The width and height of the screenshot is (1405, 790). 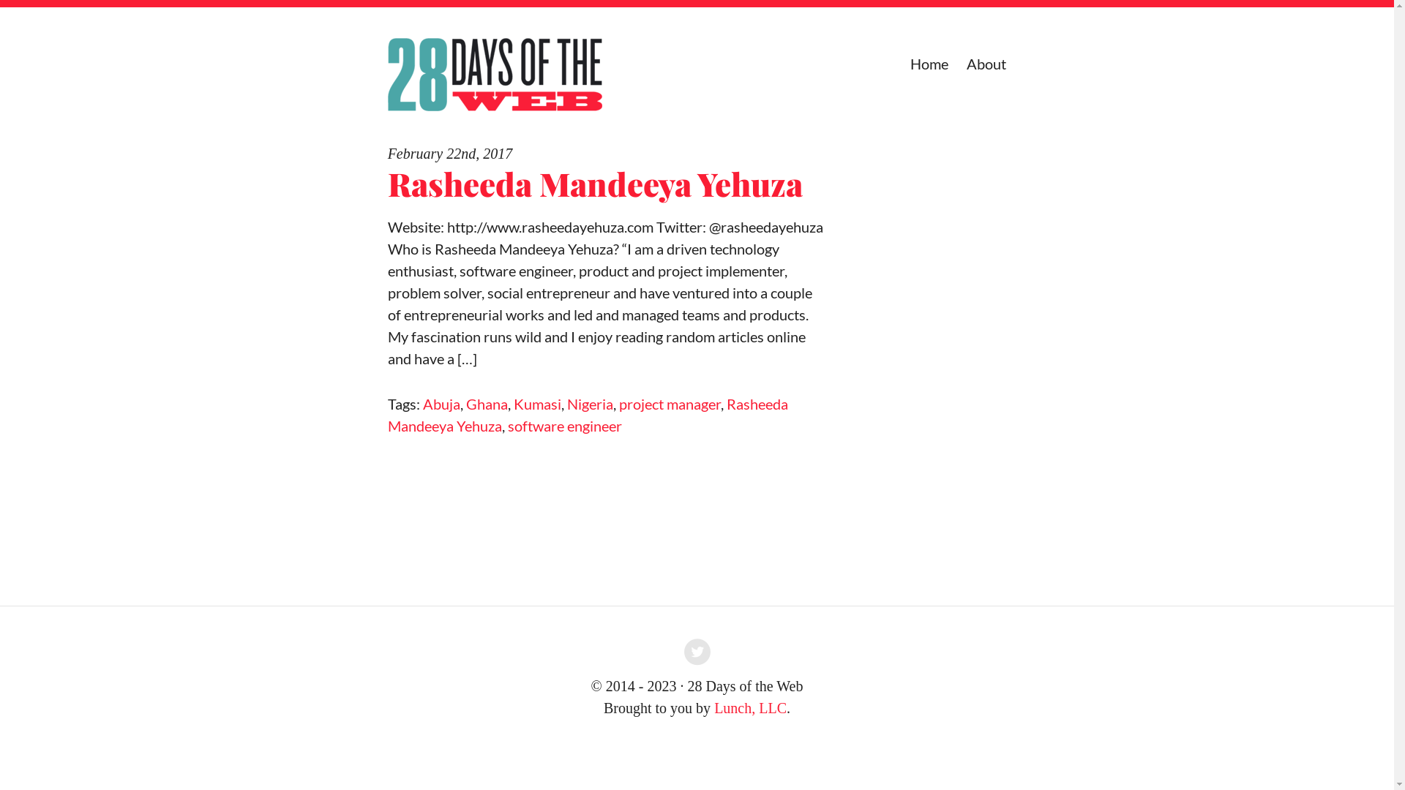 What do you see at coordinates (487, 403) in the screenshot?
I see `'Ghana'` at bounding box center [487, 403].